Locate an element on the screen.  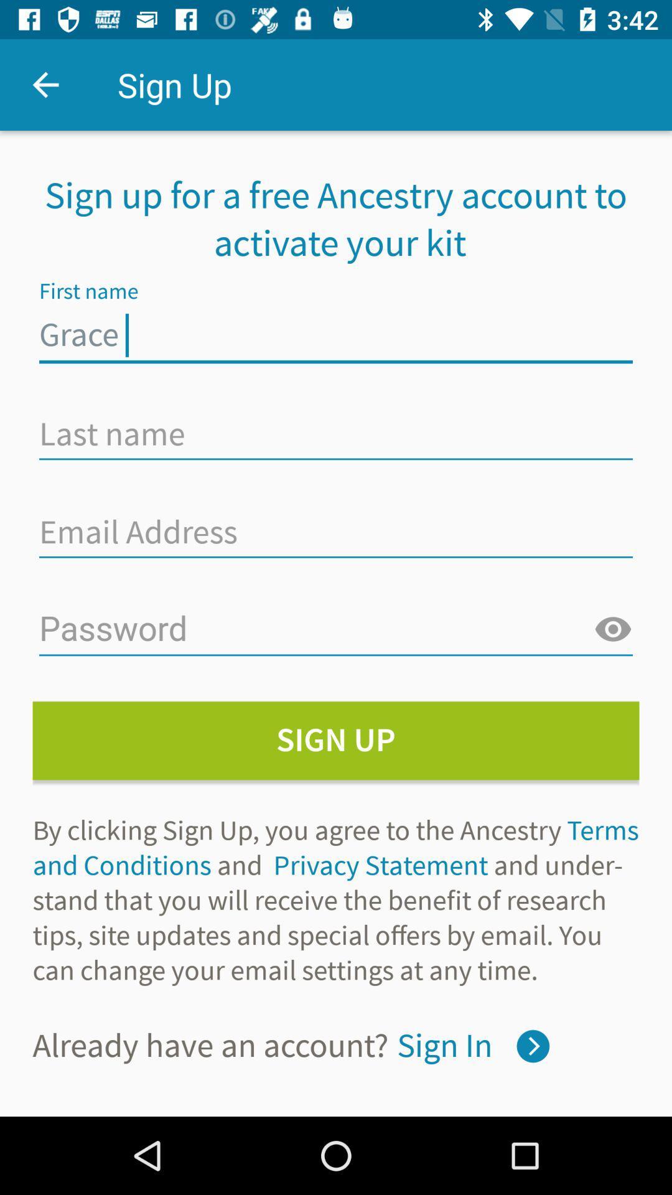
password is located at coordinates (336, 630).